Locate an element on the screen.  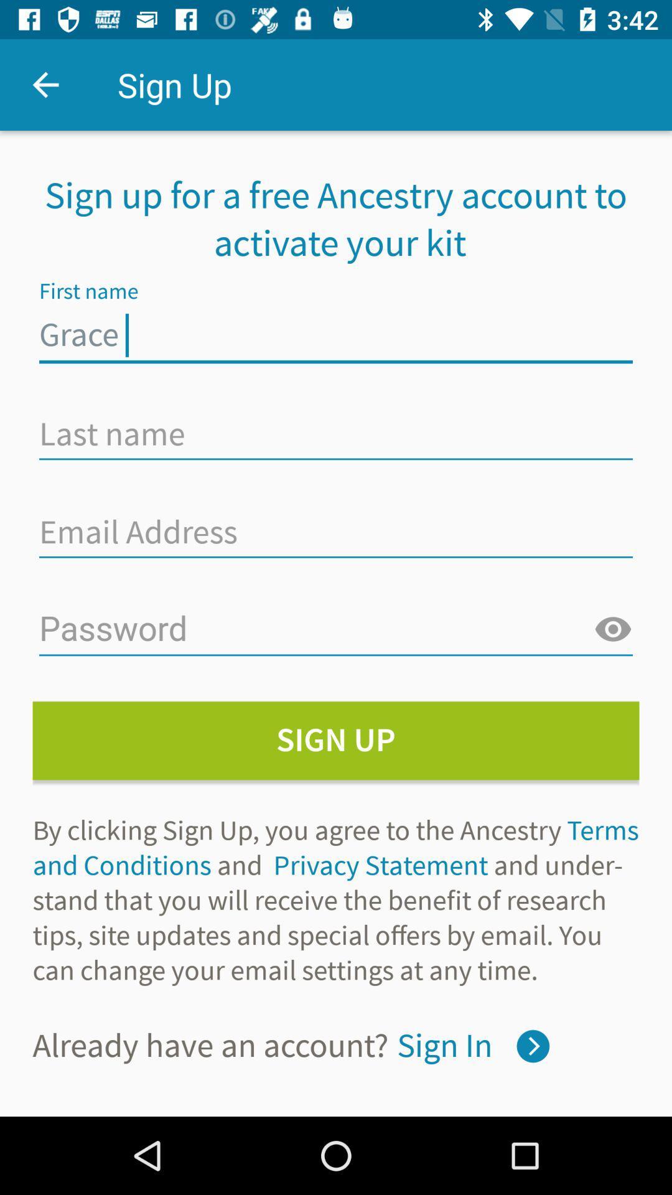
password is located at coordinates (336, 630).